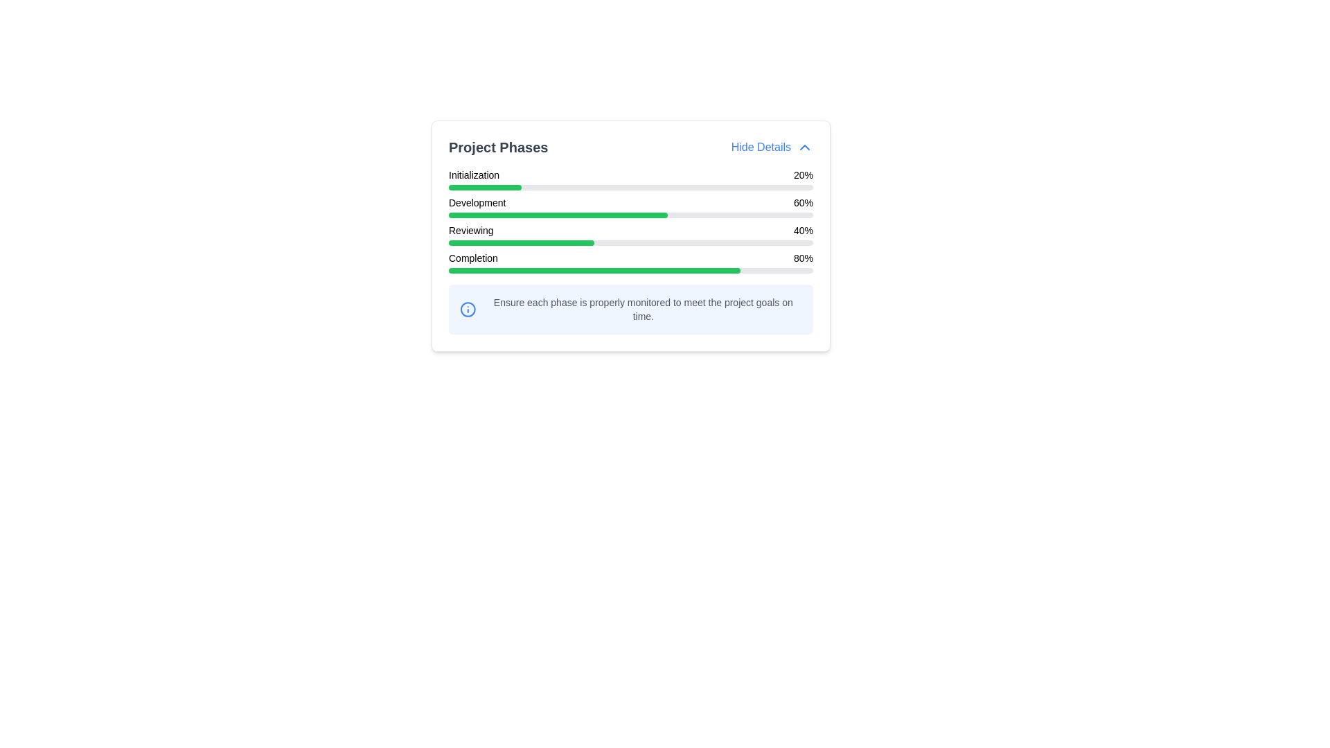  I want to click on the third progress bar in the vertical sequence of progress indicators within the 'Project Phases' section, so click(630, 234).